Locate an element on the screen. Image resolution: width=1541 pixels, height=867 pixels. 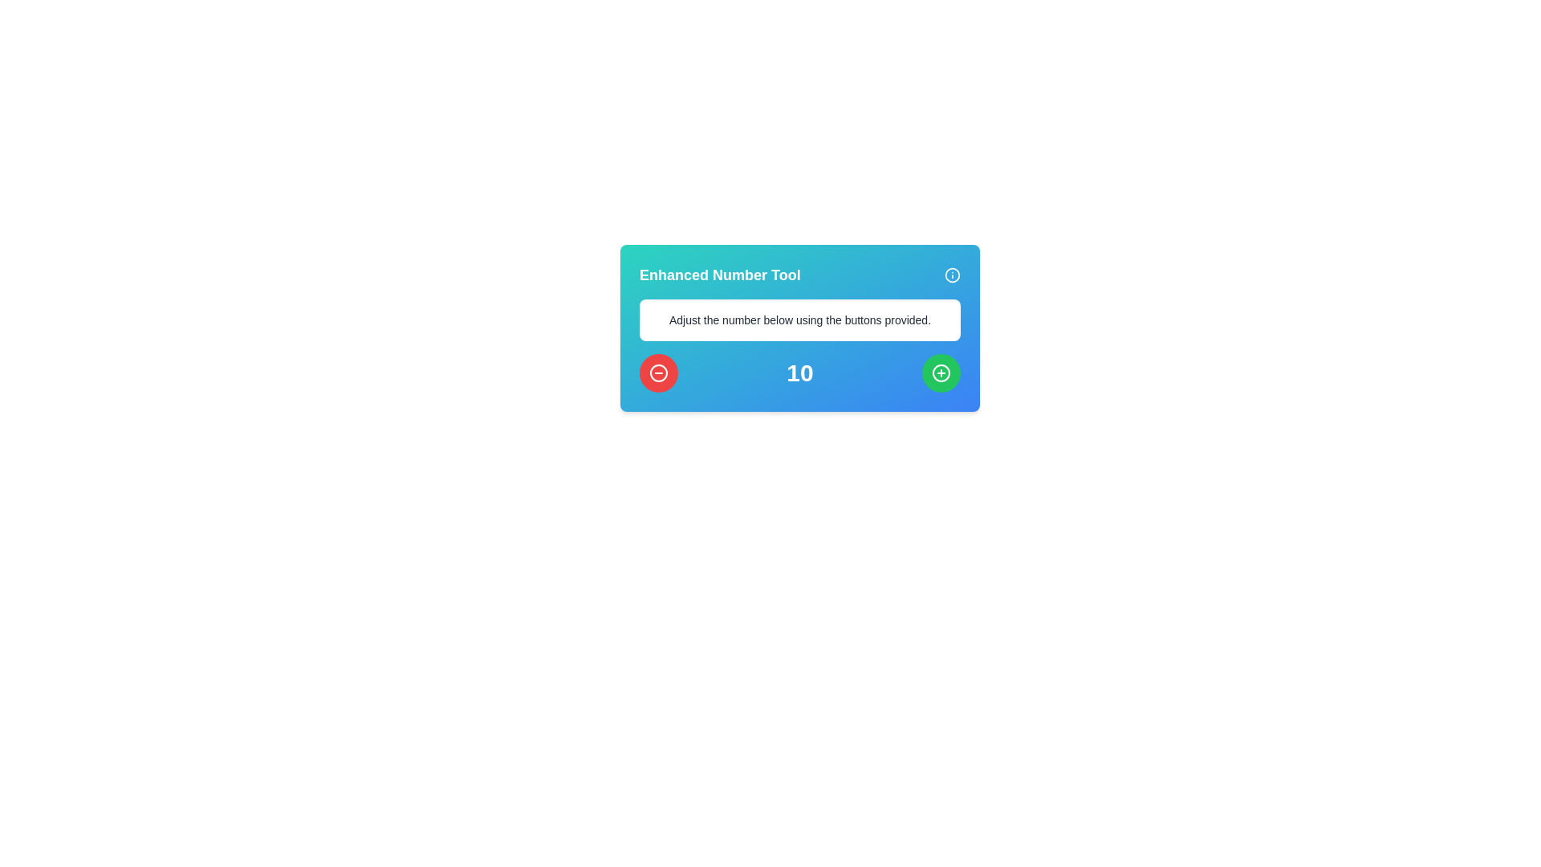
the decrement button located to the left of the numerical value display '10' to decrease the number is located at coordinates (658, 373).